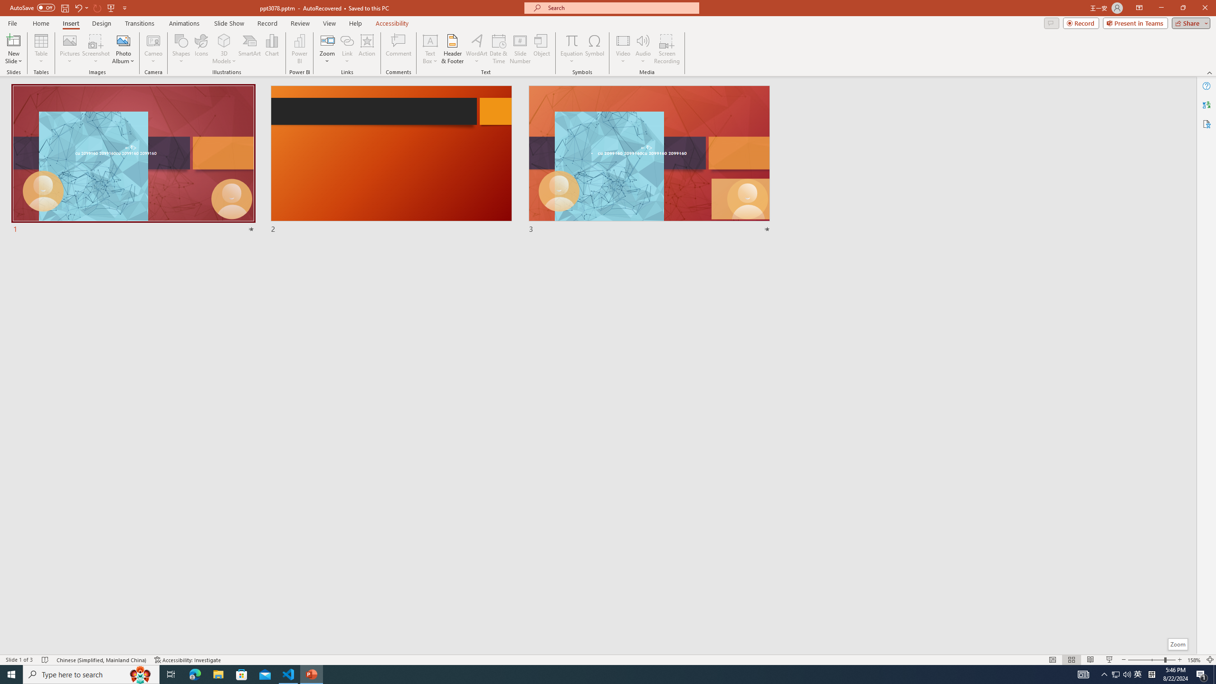 The width and height of the screenshot is (1216, 684). Describe the element at coordinates (520, 49) in the screenshot. I see `'Slide Number'` at that location.